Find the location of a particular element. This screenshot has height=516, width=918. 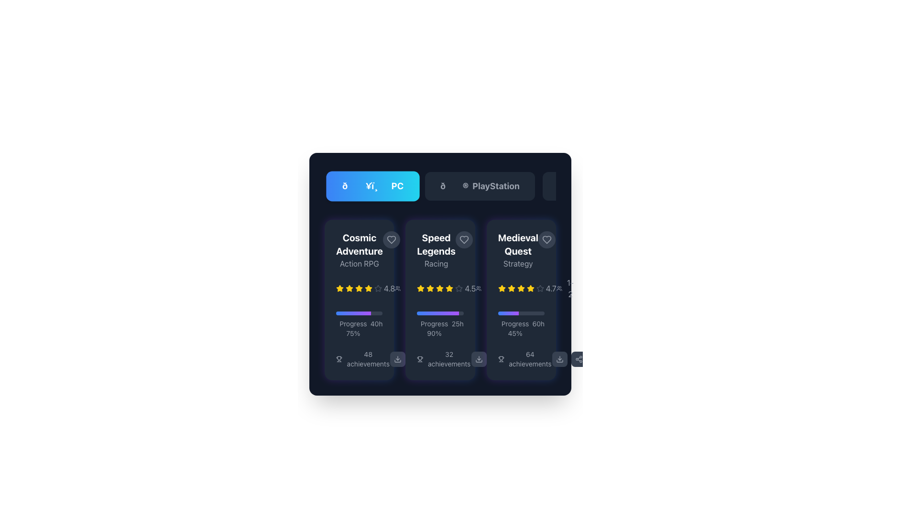

the fifth star icon representing the rating of 'Medieval Quest', which is styled with a yellow fill and black stroke outlines, located in the middle-right section of the game's rating component is located at coordinates (520, 288).